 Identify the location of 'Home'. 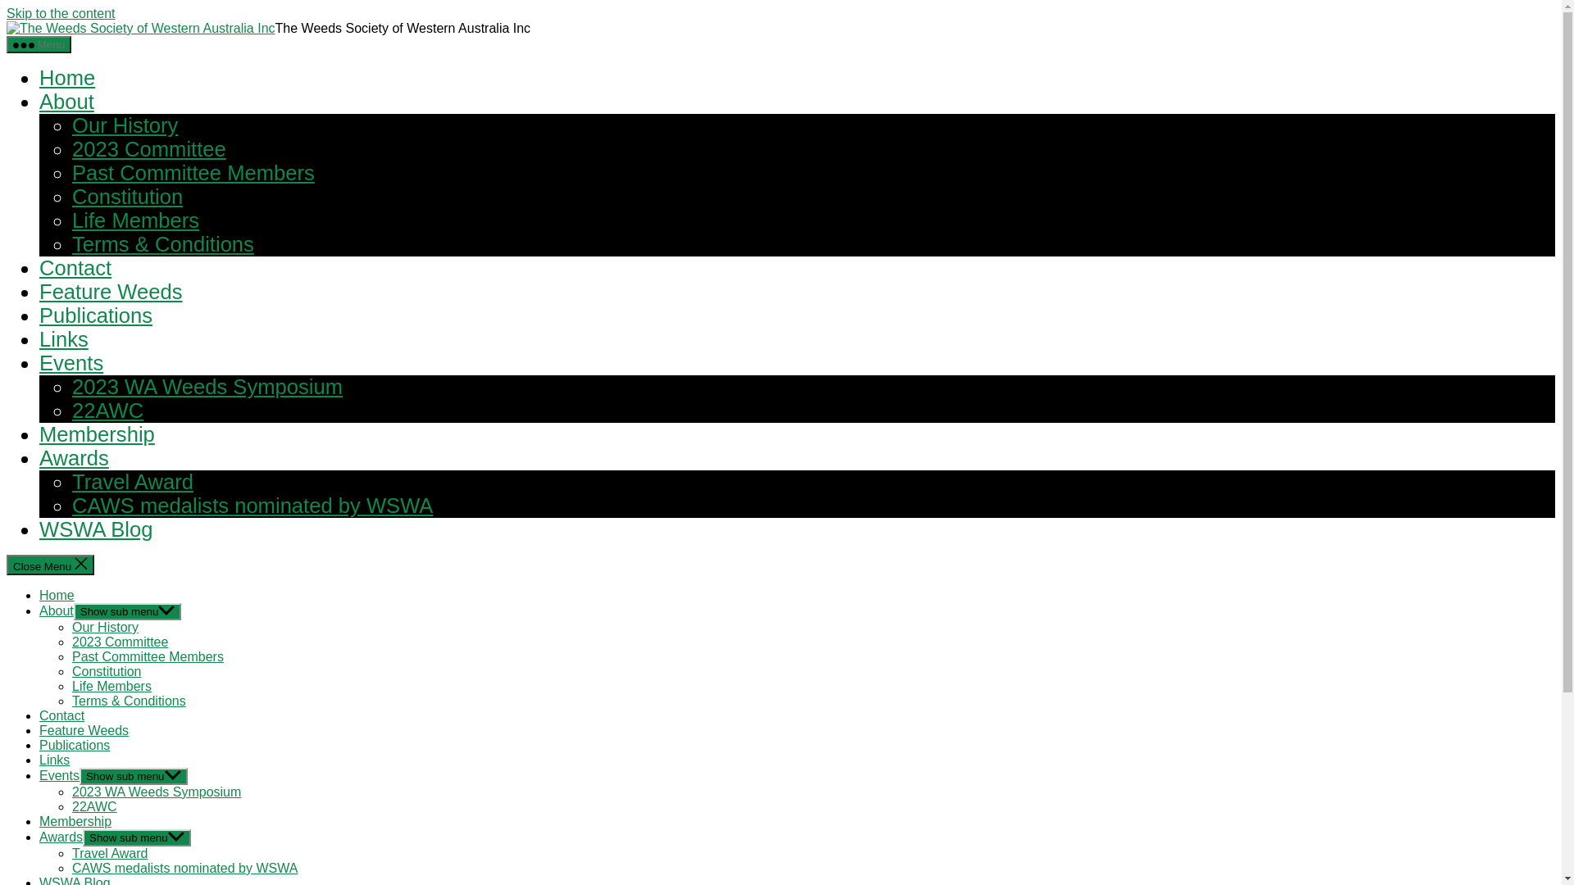
(57, 595).